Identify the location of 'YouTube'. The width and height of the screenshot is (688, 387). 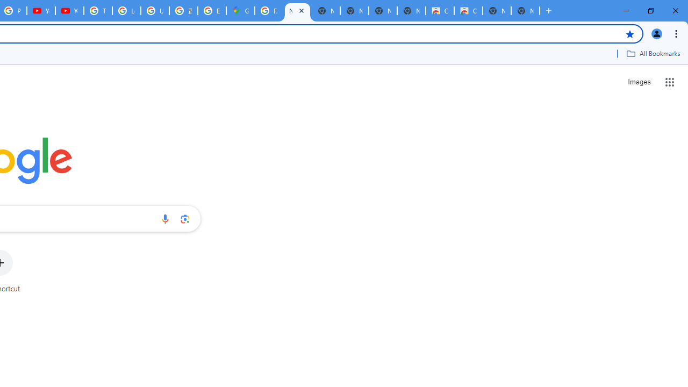
(69, 11).